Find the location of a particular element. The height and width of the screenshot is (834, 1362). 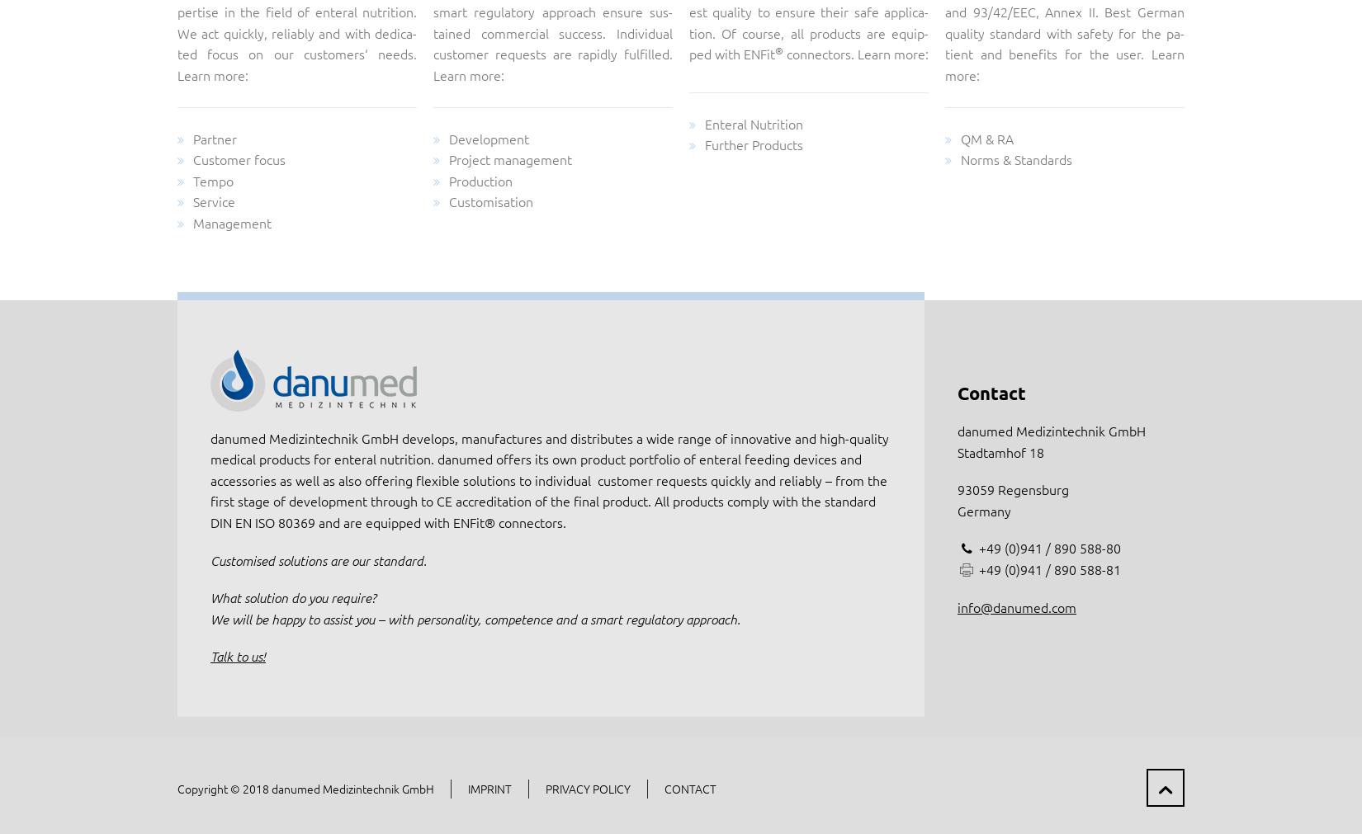

'Talk to us!' is located at coordinates (238, 655).